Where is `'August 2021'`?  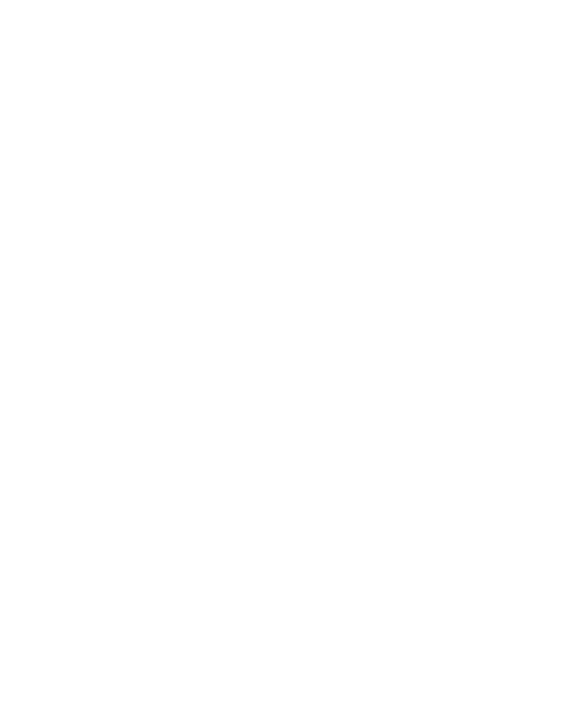
'August 2021' is located at coordinates (61, 588).